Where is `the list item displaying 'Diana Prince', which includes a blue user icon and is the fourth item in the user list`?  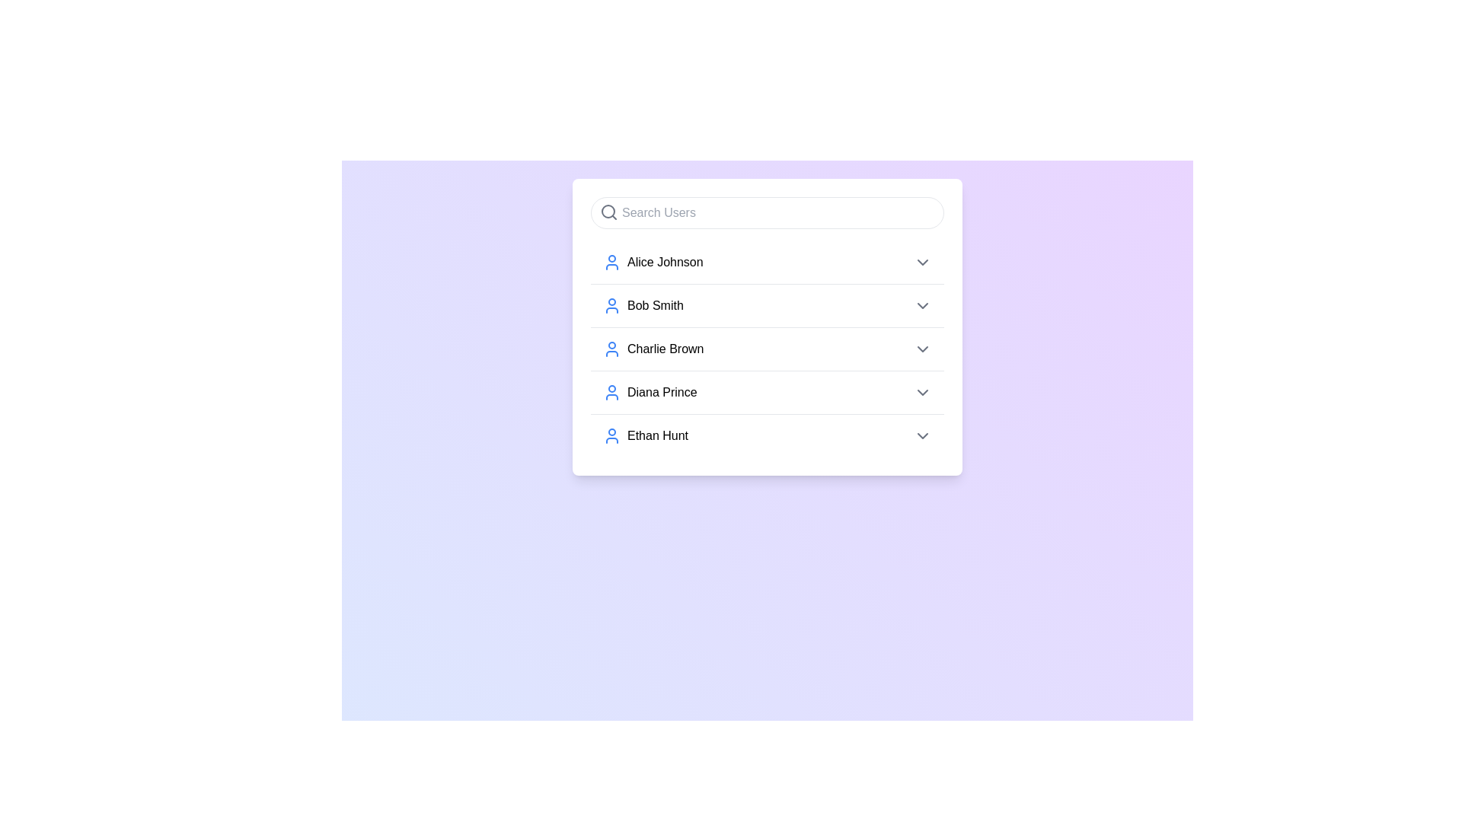 the list item displaying 'Diana Prince', which includes a blue user icon and is the fourth item in the user list is located at coordinates (650, 392).